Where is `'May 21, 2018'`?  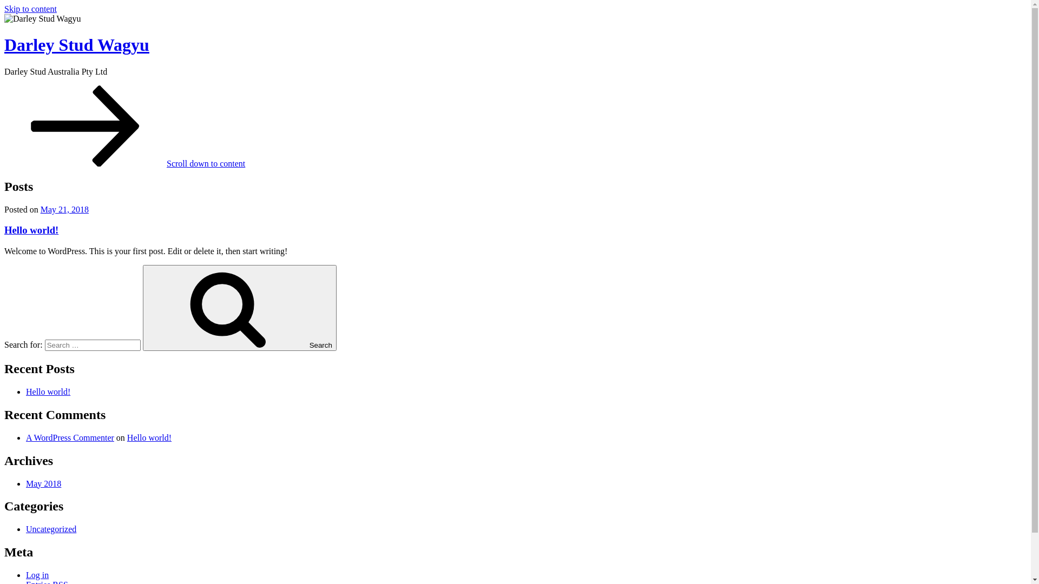
'May 21, 2018' is located at coordinates (64, 209).